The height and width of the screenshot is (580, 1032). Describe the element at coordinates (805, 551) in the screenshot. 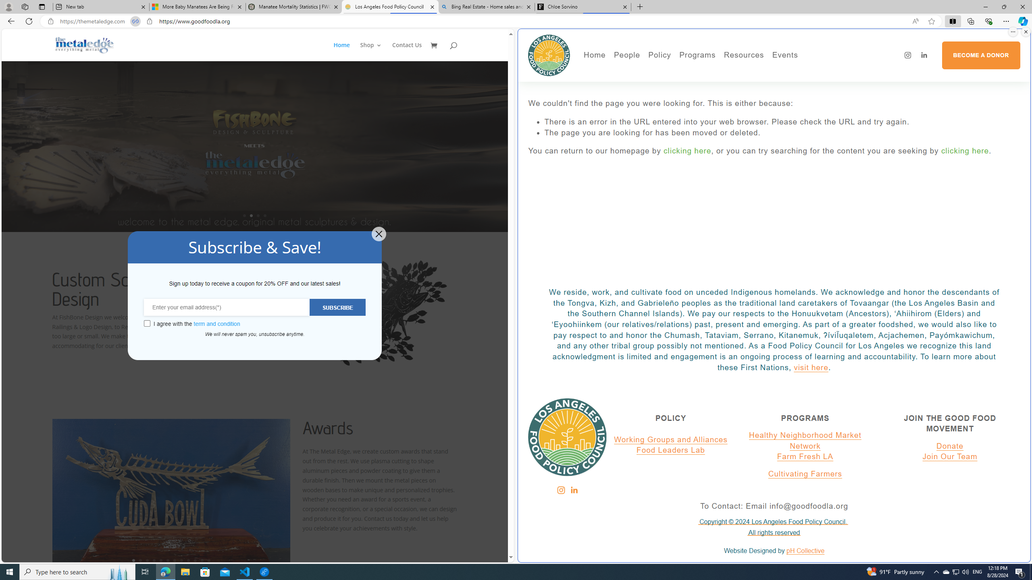

I see `'pH Collective'` at that location.